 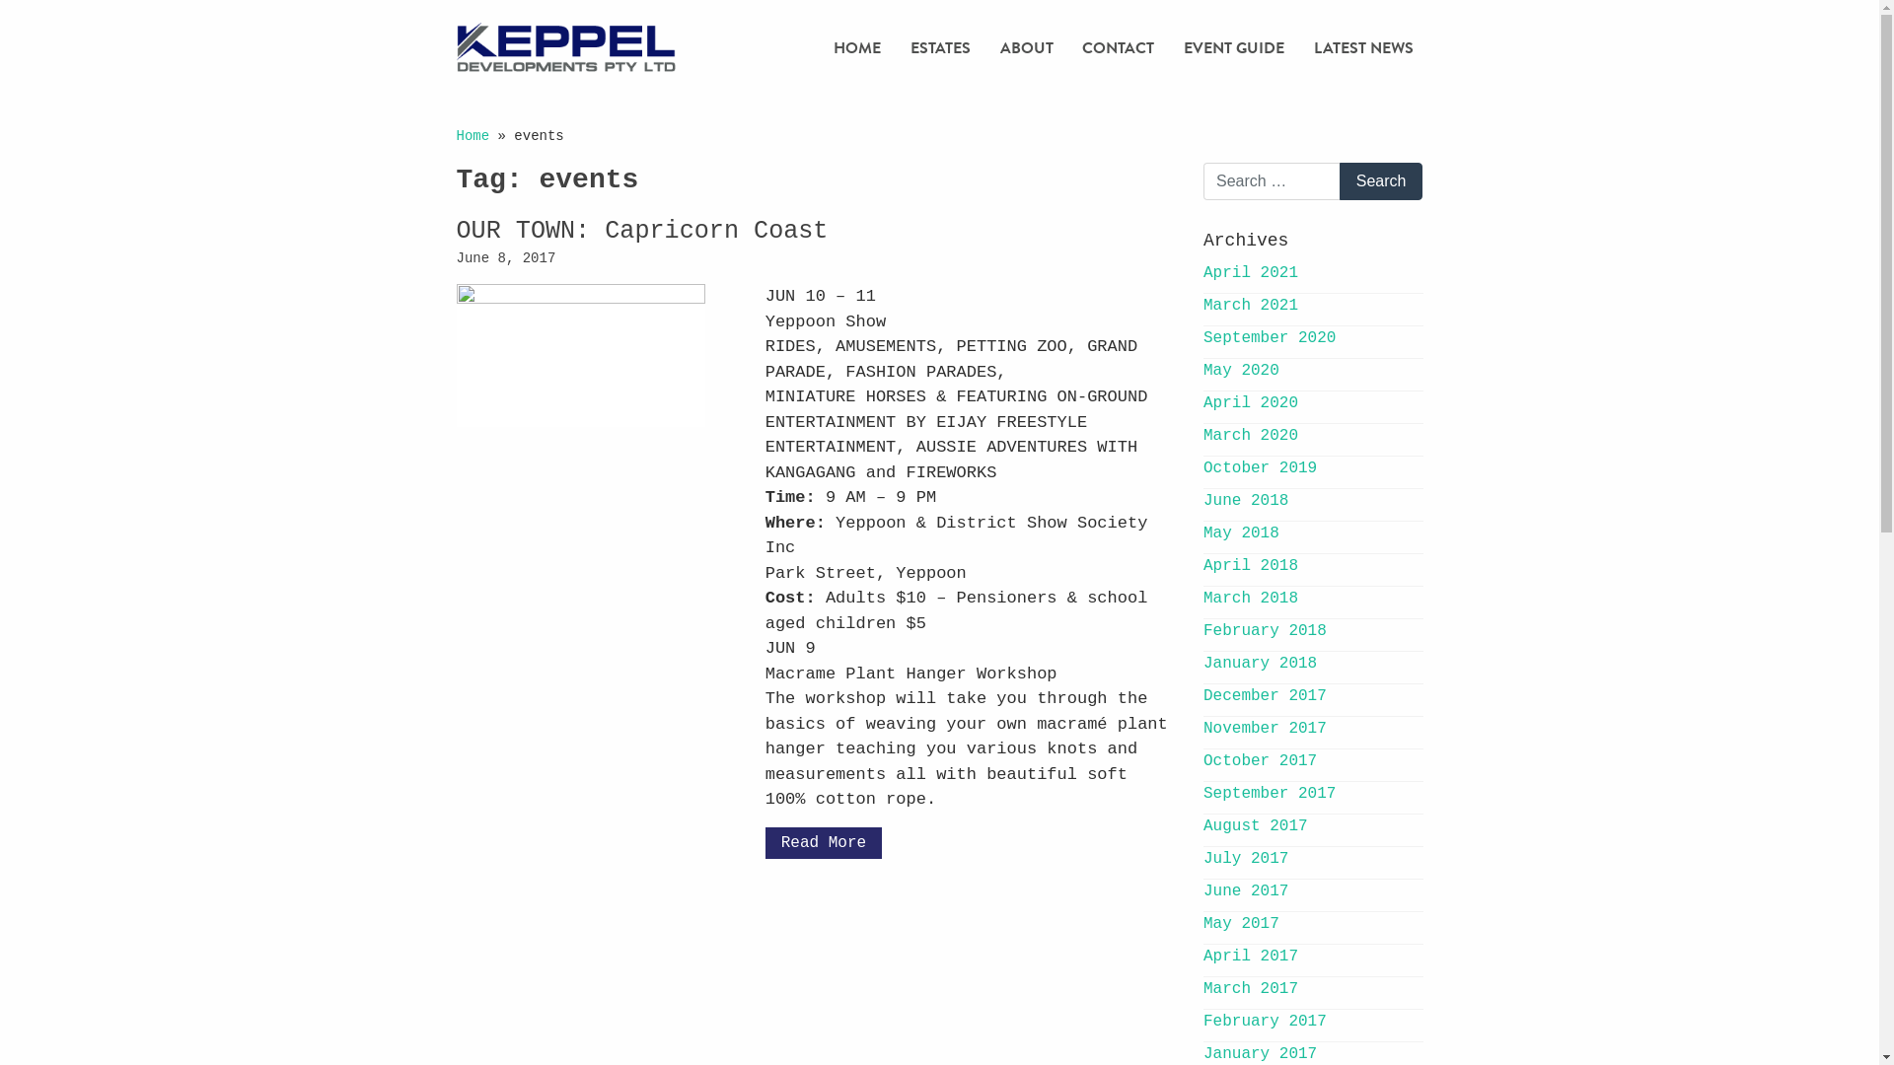 I want to click on 'Home', so click(x=454, y=135).